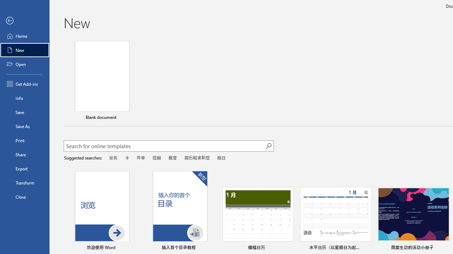 The image size is (453, 254). Describe the element at coordinates (268, 145) in the screenshot. I see `'Start searching'` at that location.